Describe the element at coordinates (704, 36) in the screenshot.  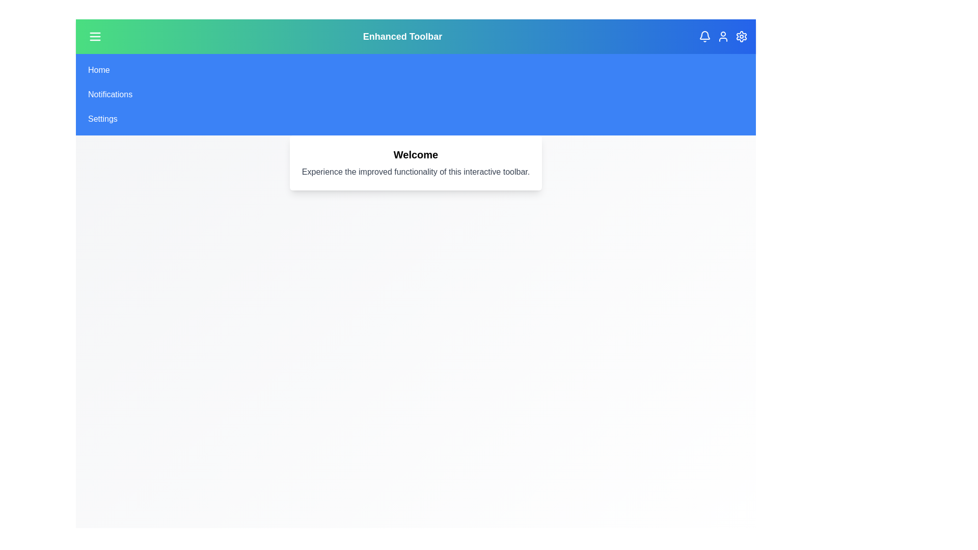
I see `the notifications icon in the toolbar` at that location.